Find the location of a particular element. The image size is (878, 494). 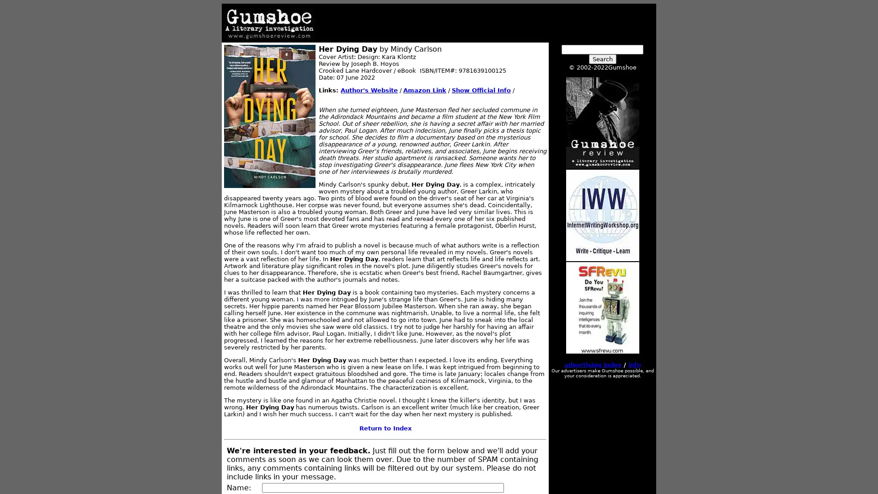

Search is located at coordinates (602, 59).